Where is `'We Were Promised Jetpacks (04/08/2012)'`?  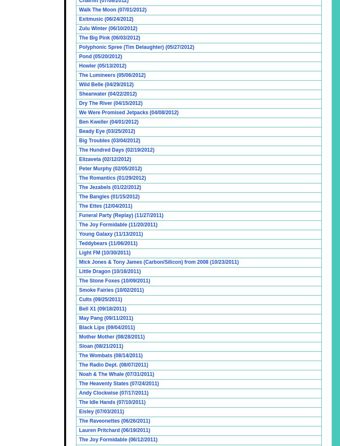
'We Were Promised Jetpacks (04/08/2012)' is located at coordinates (128, 112).